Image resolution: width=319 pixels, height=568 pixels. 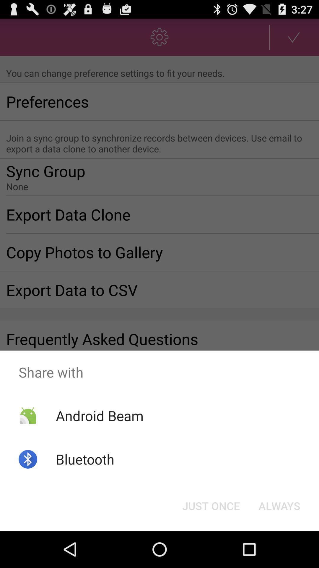 What do you see at coordinates (211, 505) in the screenshot?
I see `button at the bottom` at bounding box center [211, 505].